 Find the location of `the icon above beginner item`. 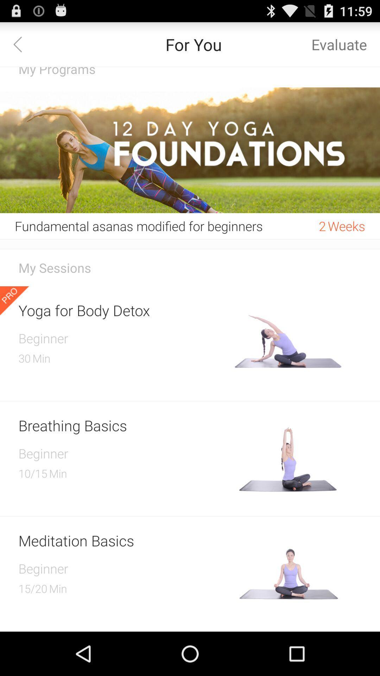

the icon above beginner item is located at coordinates (123, 310).